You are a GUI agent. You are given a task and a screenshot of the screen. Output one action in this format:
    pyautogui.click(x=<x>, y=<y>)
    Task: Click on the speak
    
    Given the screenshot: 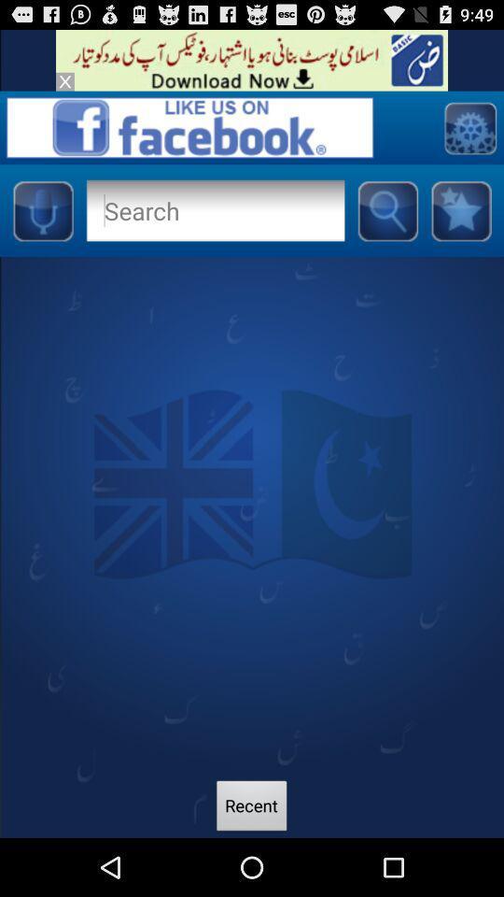 What is the action you would take?
    pyautogui.click(x=42, y=210)
    